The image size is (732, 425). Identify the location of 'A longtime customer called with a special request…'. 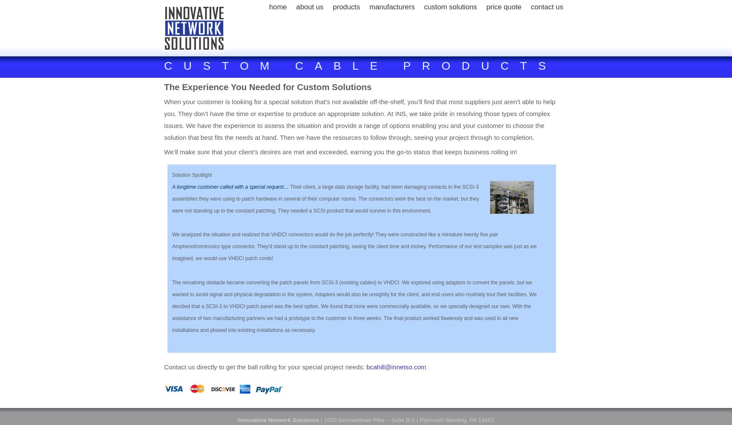
(231, 186).